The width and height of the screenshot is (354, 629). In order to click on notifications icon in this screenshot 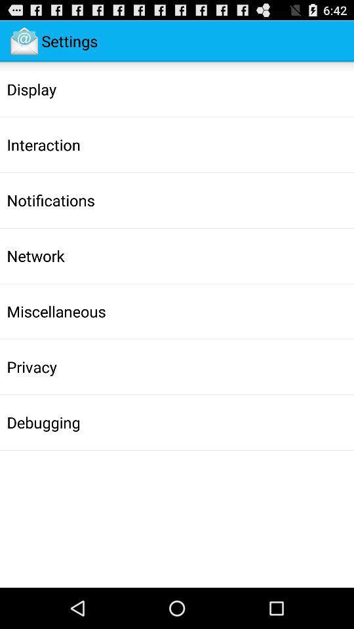, I will do `click(50, 200)`.